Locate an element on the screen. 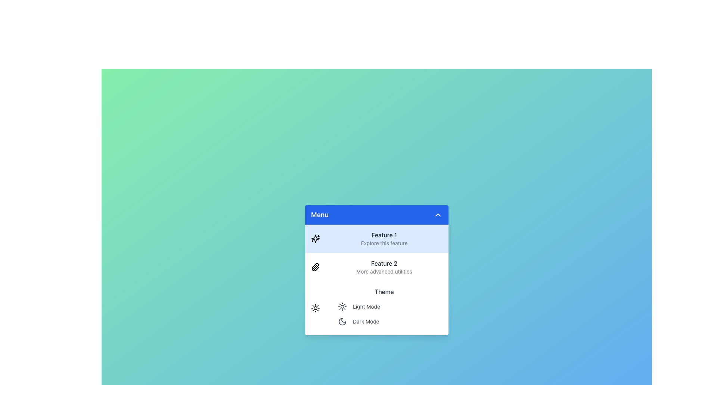 The width and height of the screenshot is (717, 403). the second item in the dropdown menu which serves as a navigational link is located at coordinates (376, 279).